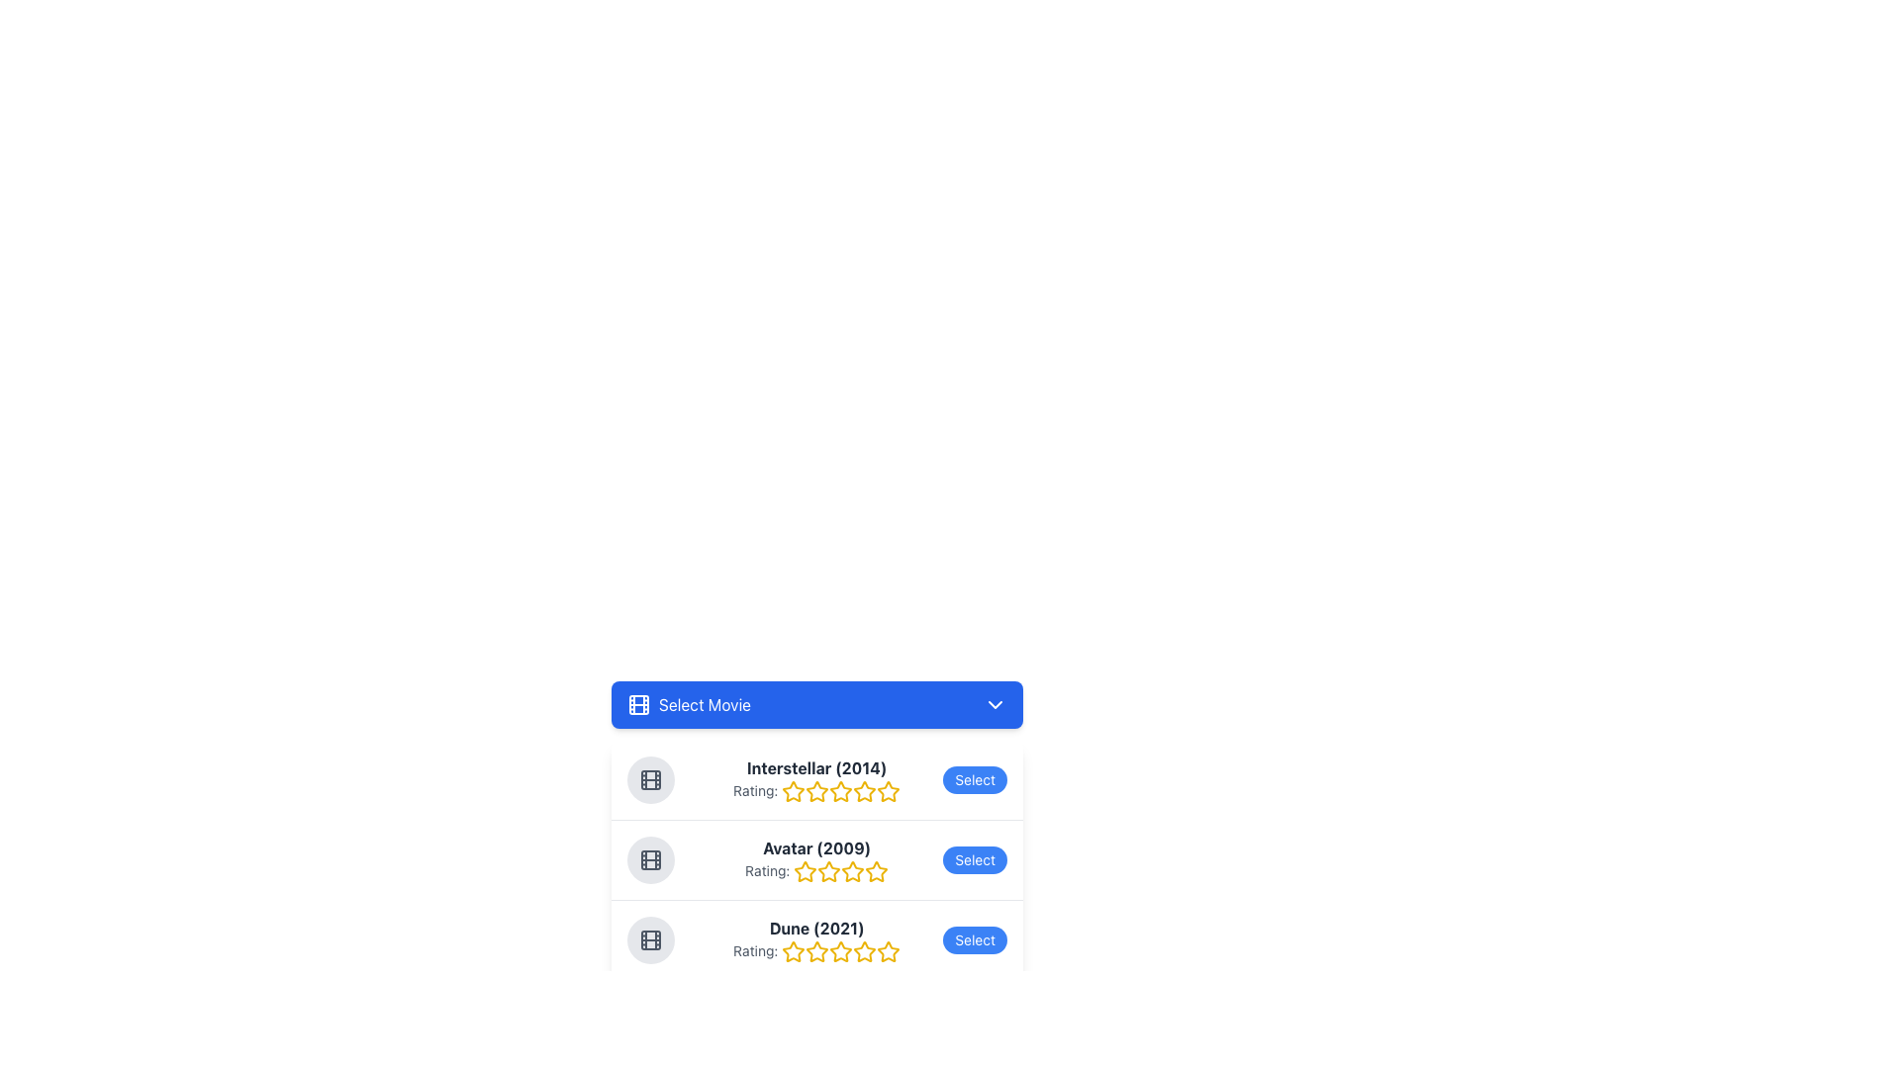  What do you see at coordinates (816, 939) in the screenshot?
I see `movie title 'Dune (2021)' and its rating represented by yellow stars from the Rating Display with Title element, which is the third item in the selectable list under the 'Select Movie' dropdown` at bounding box center [816, 939].